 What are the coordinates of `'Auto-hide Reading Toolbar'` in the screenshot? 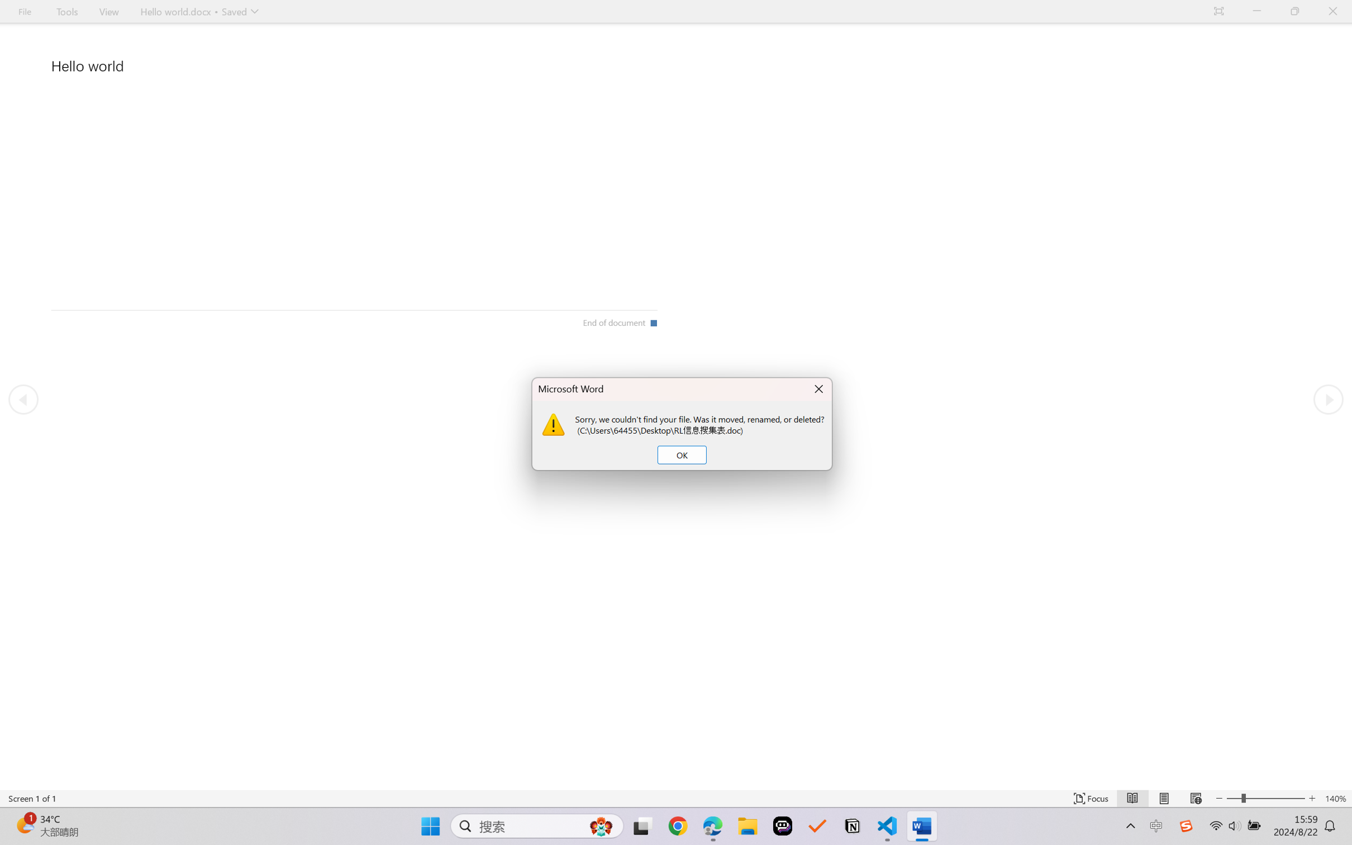 It's located at (1219, 11).